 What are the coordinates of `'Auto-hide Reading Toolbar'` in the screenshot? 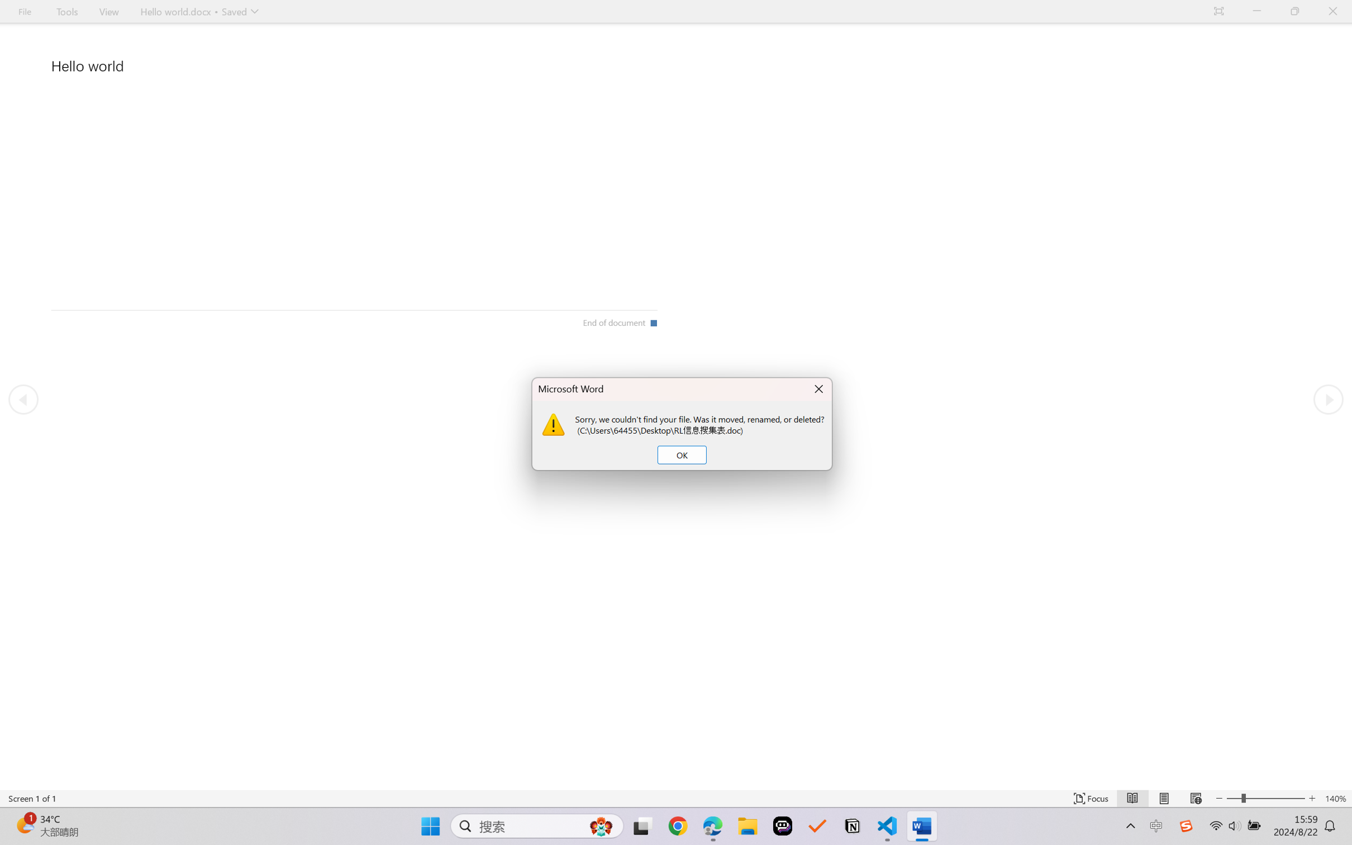 It's located at (1219, 11).